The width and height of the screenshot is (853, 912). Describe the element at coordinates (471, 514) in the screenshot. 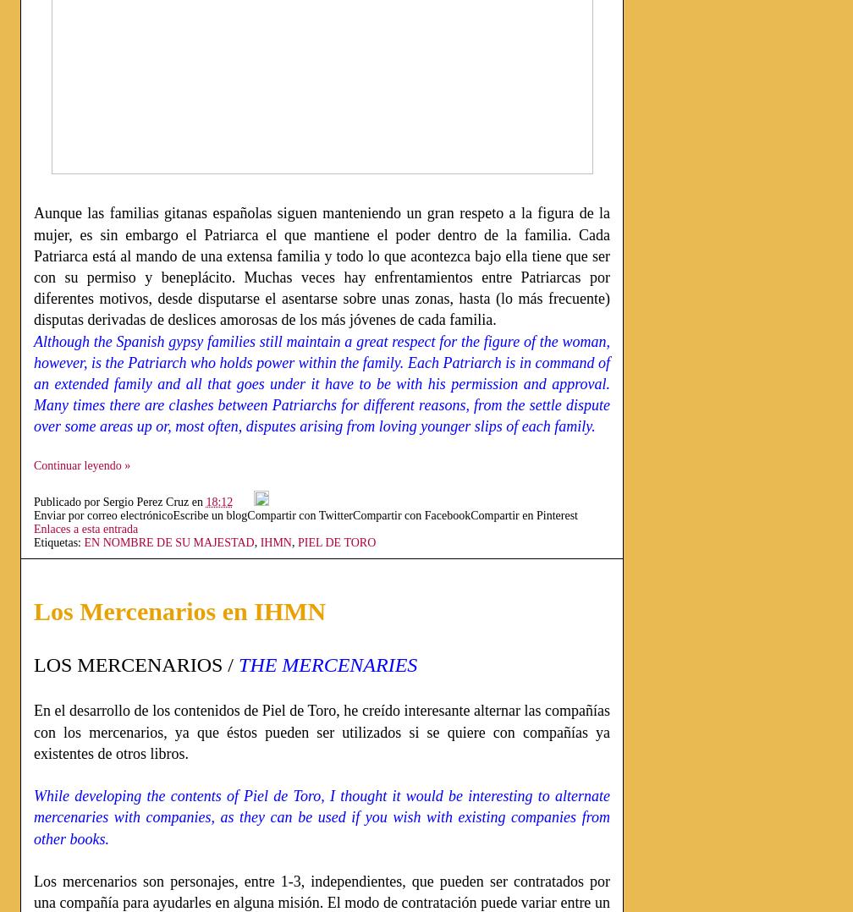

I see `'Compartir en Pinterest'` at that location.